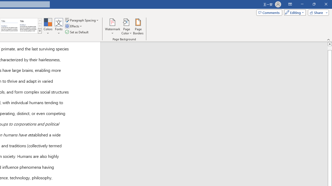 This screenshot has width=332, height=186. I want to click on 'Colors', so click(48, 27).